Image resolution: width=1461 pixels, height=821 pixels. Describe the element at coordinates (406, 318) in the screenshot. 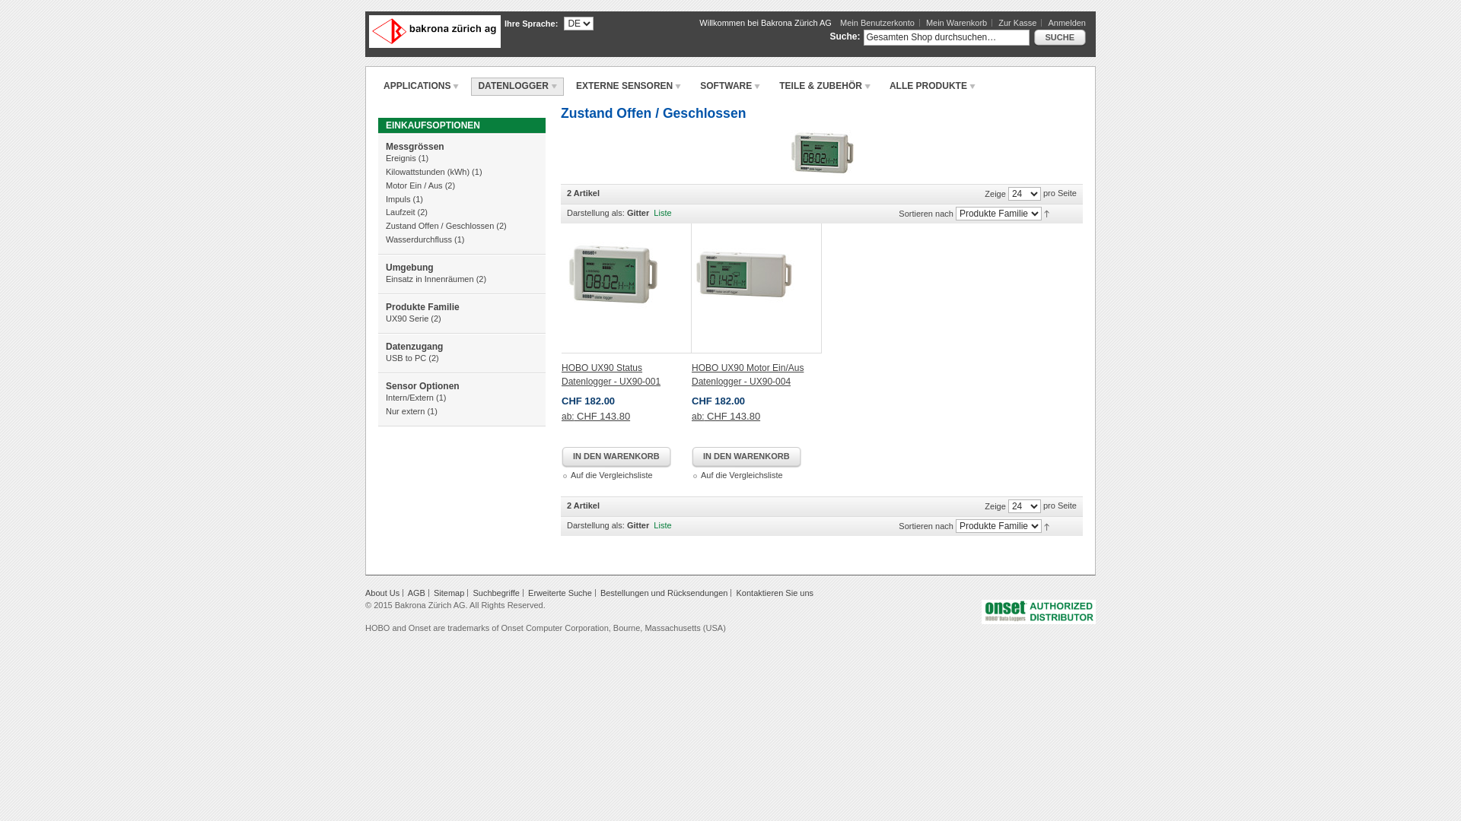

I see `'UX90 Serie'` at that location.